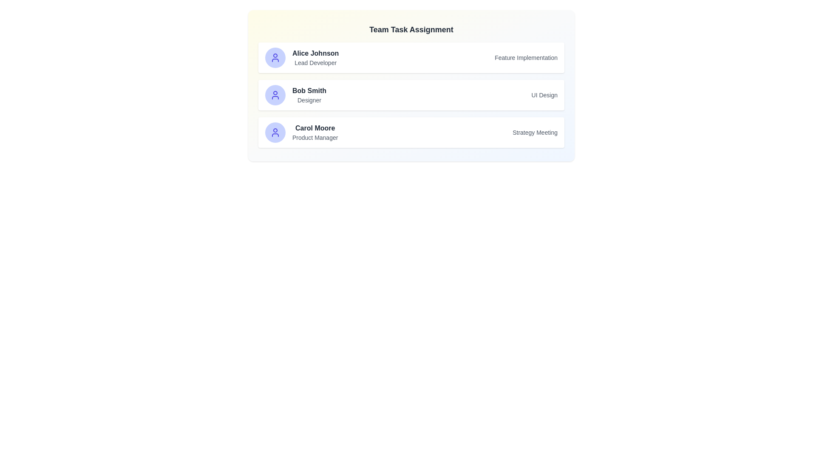 The width and height of the screenshot is (816, 459). What do you see at coordinates (315, 57) in the screenshot?
I see `the text label displaying 'Alice Johnson' which is styled in bold and larger font, located in the topmost row of the 'Team Task Assignment' list, and positioned to the right of a user icon` at bounding box center [315, 57].